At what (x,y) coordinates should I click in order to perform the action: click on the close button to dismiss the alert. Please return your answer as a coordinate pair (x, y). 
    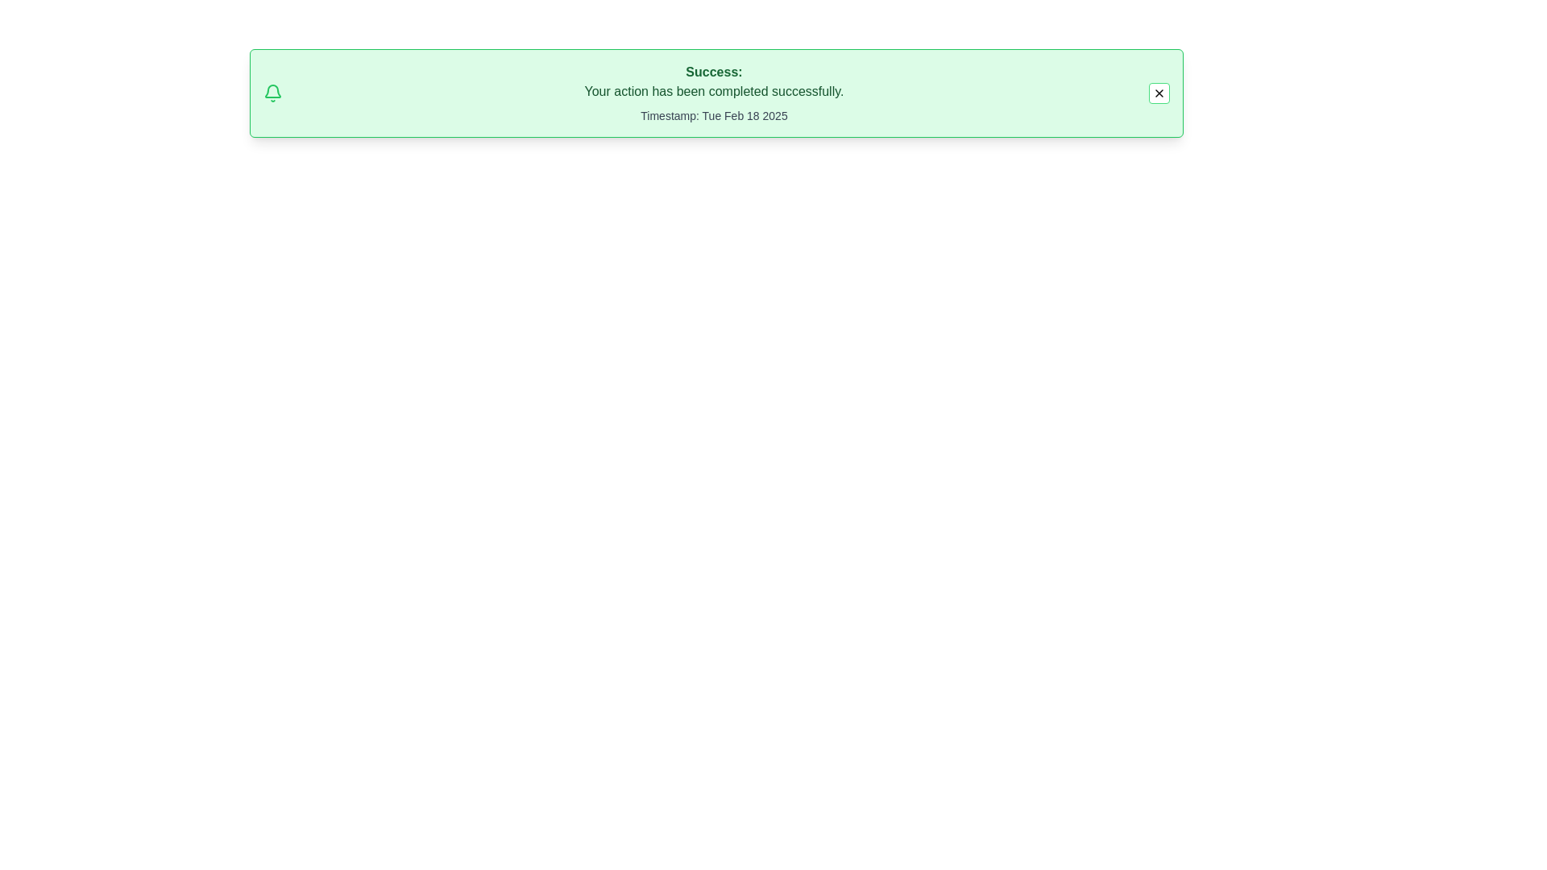
    Looking at the image, I should click on (1159, 93).